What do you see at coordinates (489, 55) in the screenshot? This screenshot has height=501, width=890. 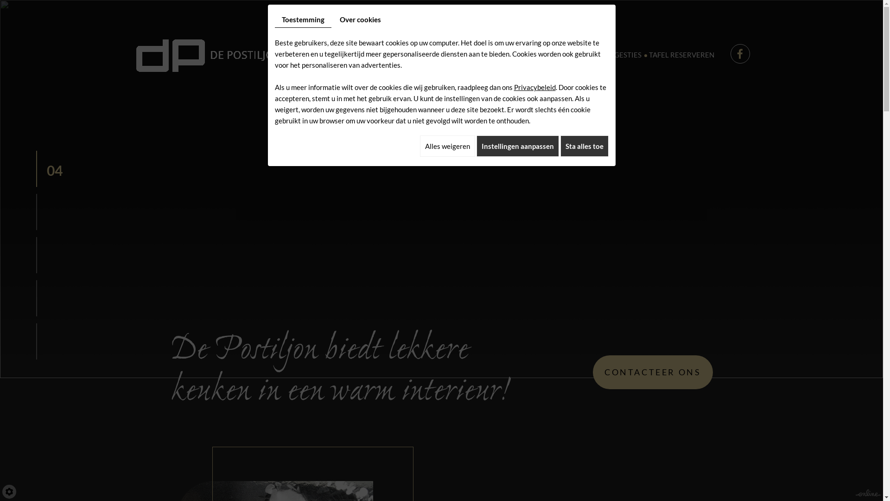 I see `'FEESTMENU'` at bounding box center [489, 55].